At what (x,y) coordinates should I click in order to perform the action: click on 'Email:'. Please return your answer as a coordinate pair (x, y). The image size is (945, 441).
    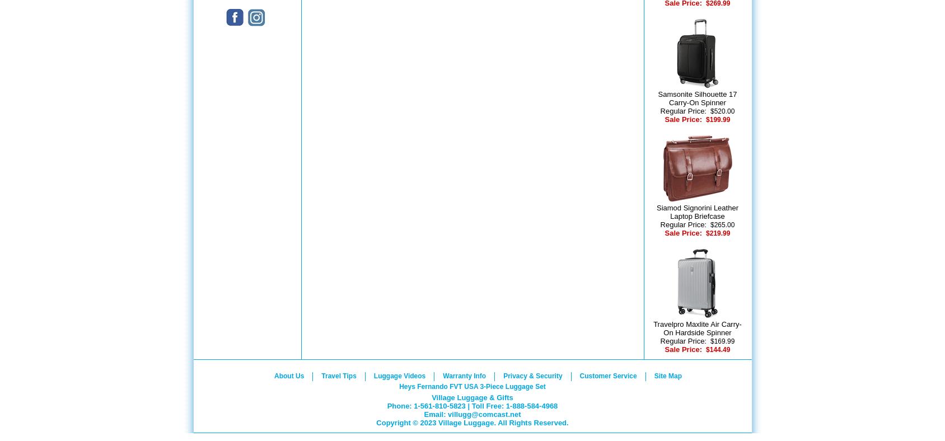
    Looking at the image, I should click on (436, 414).